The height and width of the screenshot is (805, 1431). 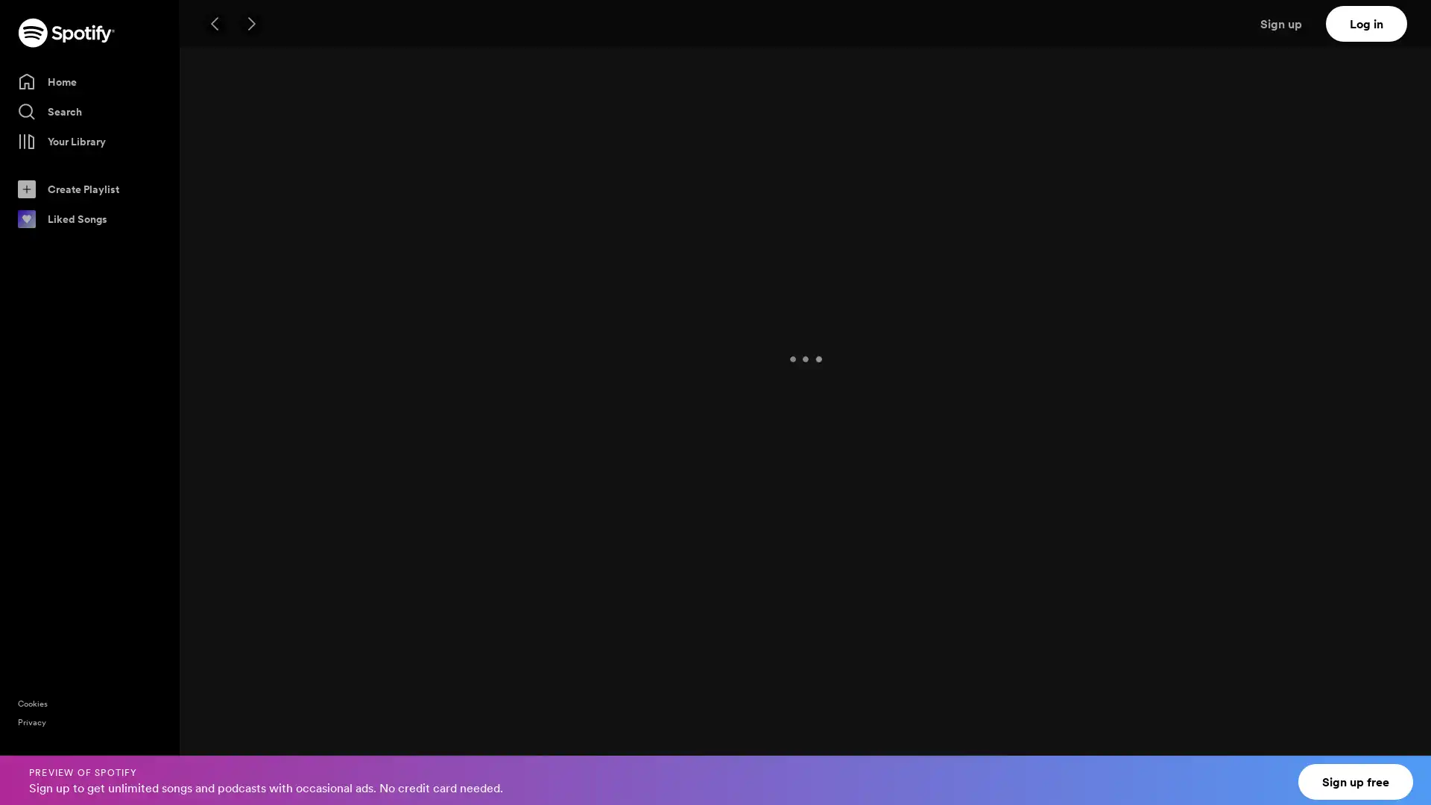 What do you see at coordinates (1065, 712) in the screenshot?
I see `Play Gregory David` at bounding box center [1065, 712].